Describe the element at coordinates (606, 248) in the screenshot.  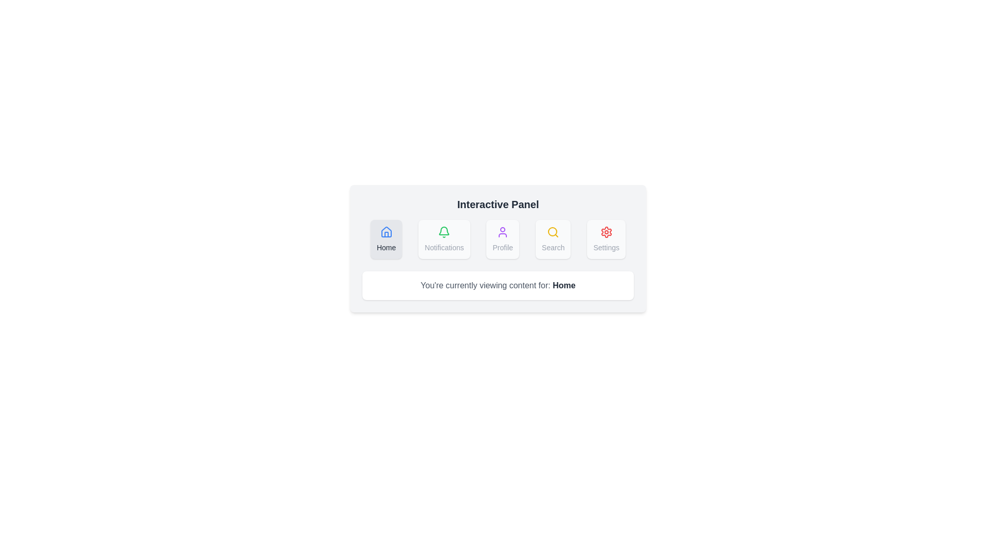
I see `text label that says 'Settings', which is styled with a medium font weight in gray color and located beneath a gear icon in a button-like area` at that location.